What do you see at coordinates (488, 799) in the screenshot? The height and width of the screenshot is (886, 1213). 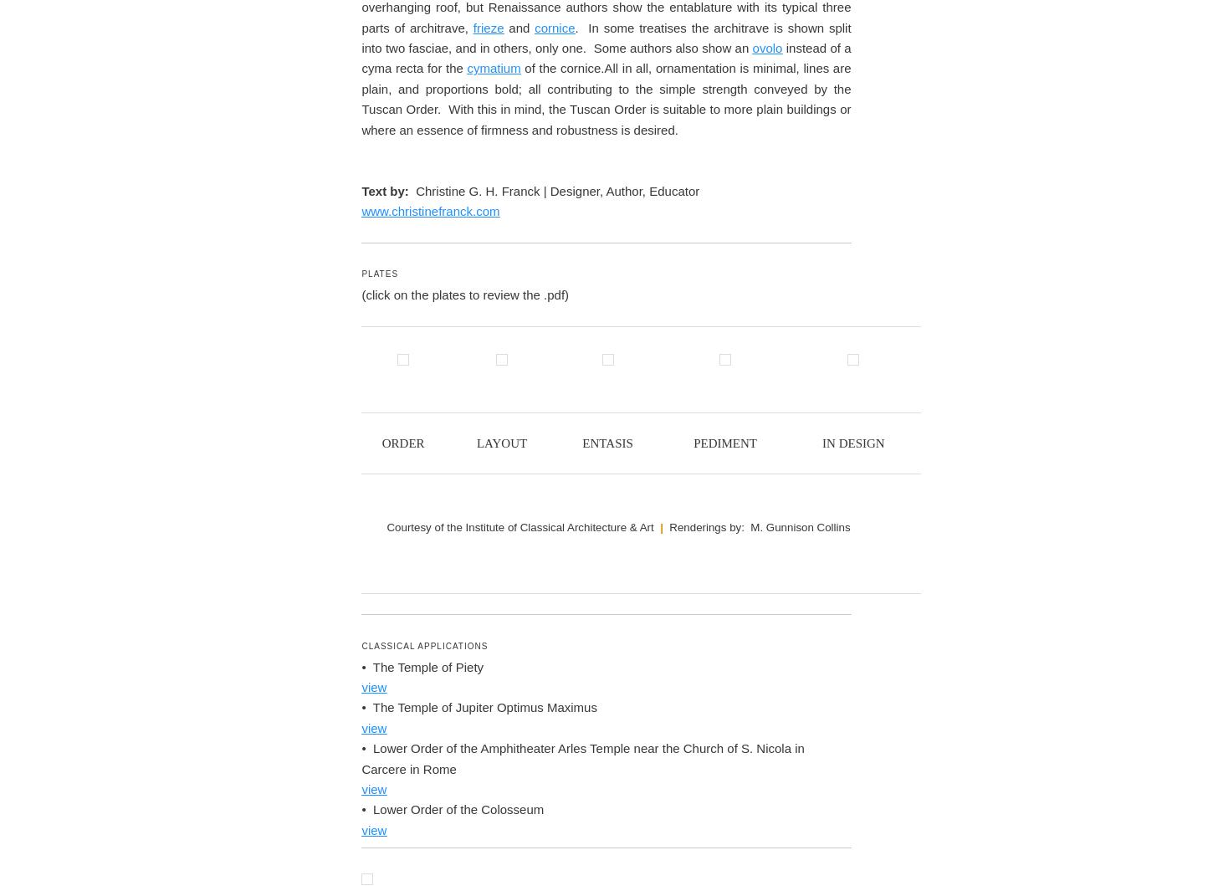 I see `'frieze'` at bounding box center [488, 799].